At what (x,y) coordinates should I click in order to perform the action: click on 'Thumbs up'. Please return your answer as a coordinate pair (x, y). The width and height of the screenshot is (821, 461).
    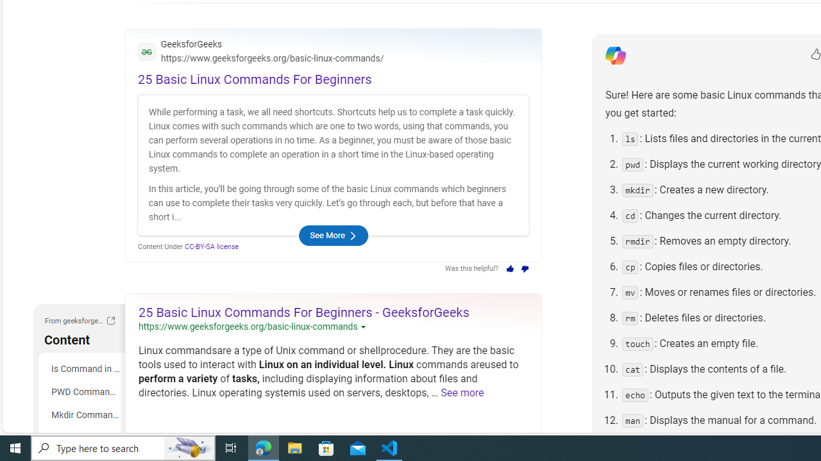
    Looking at the image, I should click on (509, 268).